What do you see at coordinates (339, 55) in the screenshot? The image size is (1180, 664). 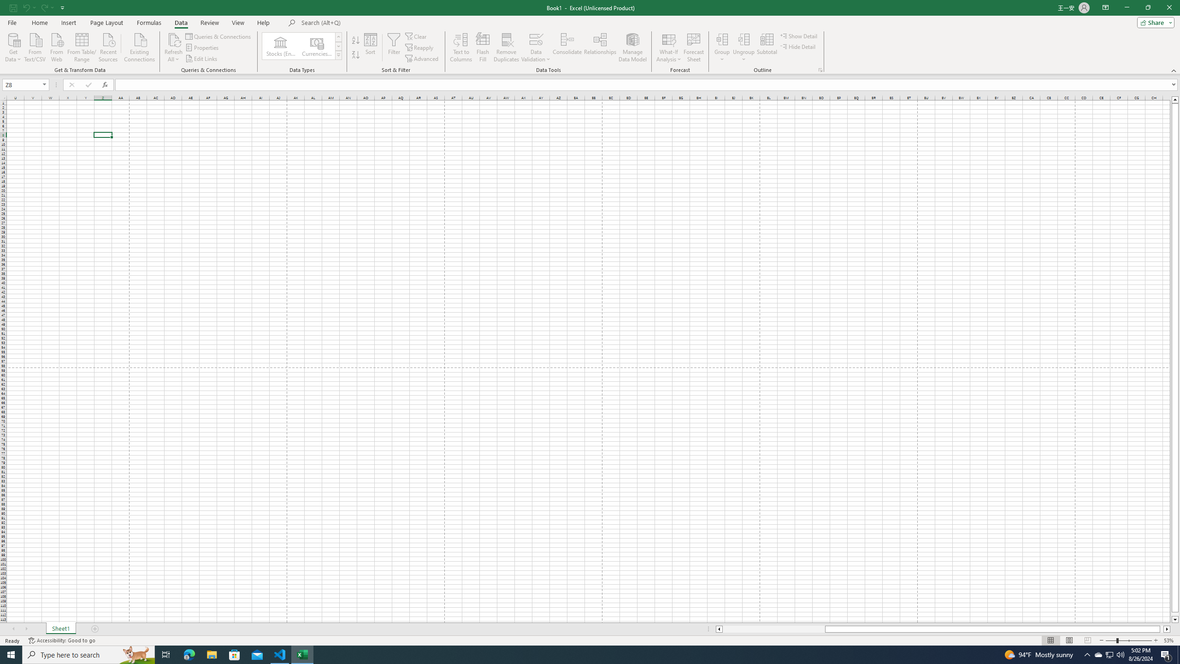 I see `'Class: NetUIImage'` at bounding box center [339, 55].